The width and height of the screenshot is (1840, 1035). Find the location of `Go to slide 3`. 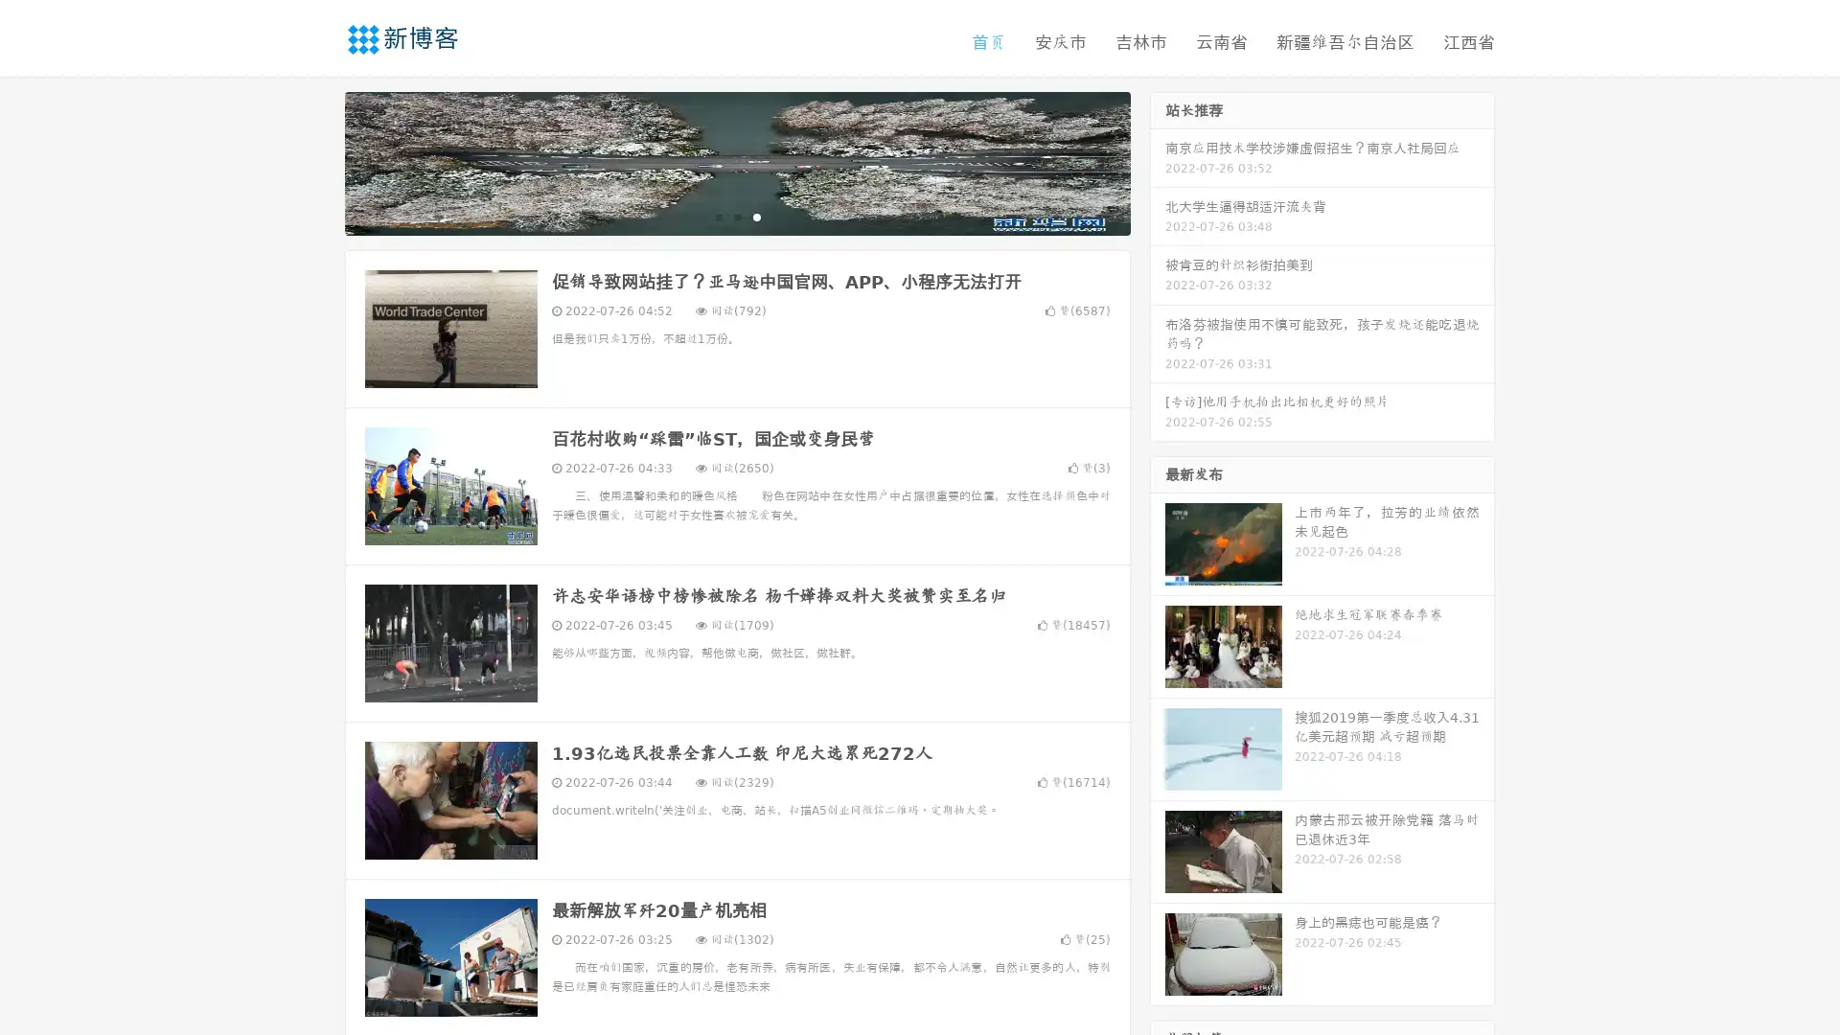

Go to slide 3 is located at coordinates (756, 216).